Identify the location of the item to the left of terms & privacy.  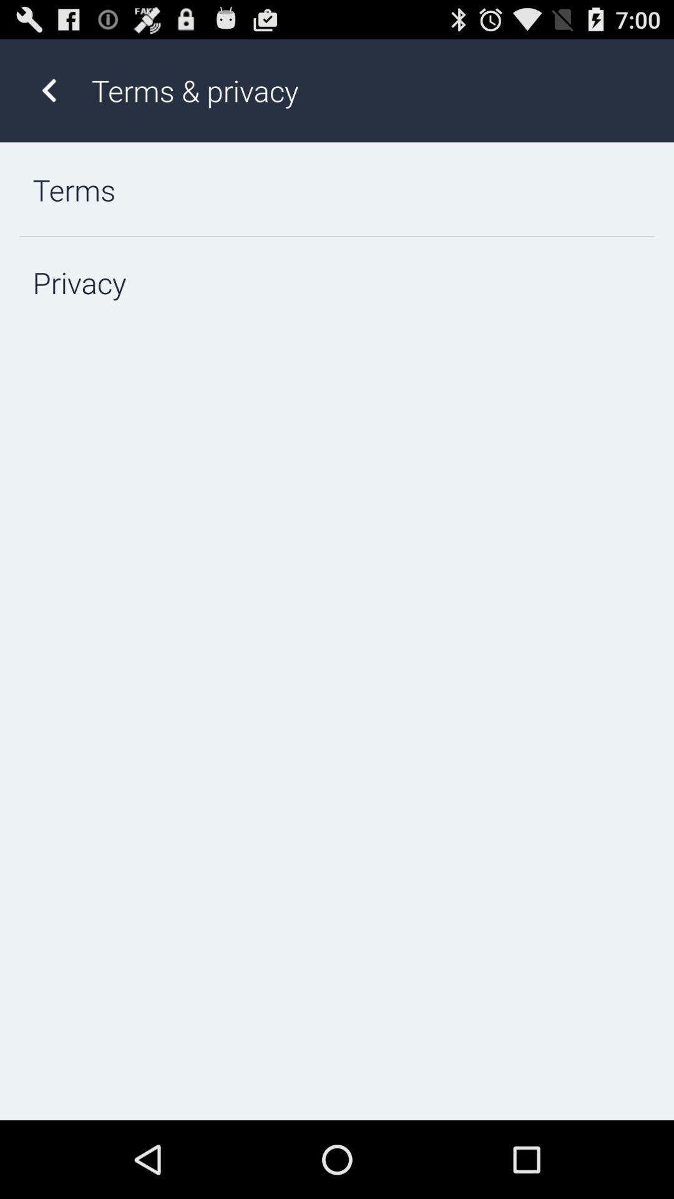
(48, 90).